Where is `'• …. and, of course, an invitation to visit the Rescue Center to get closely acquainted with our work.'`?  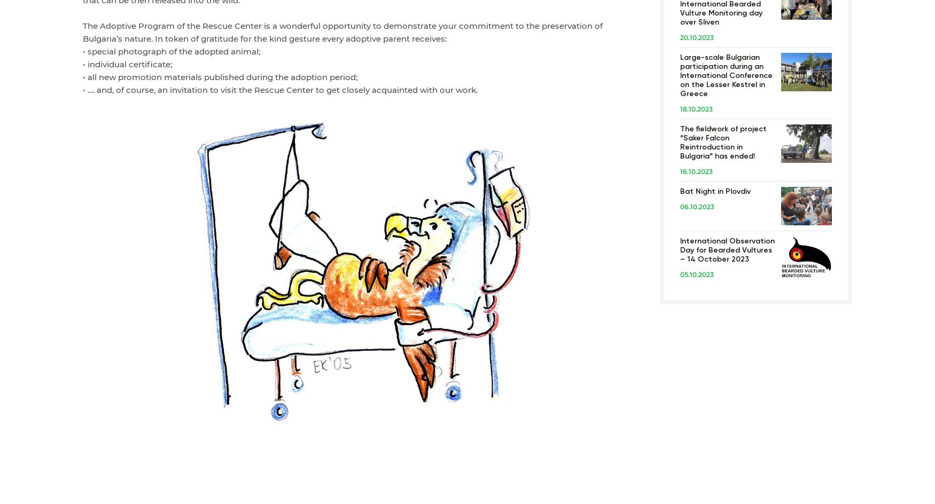 '• …. and, of course, an invitation to visit the Rescue Center to get closely acquainted with our work.' is located at coordinates (279, 90).